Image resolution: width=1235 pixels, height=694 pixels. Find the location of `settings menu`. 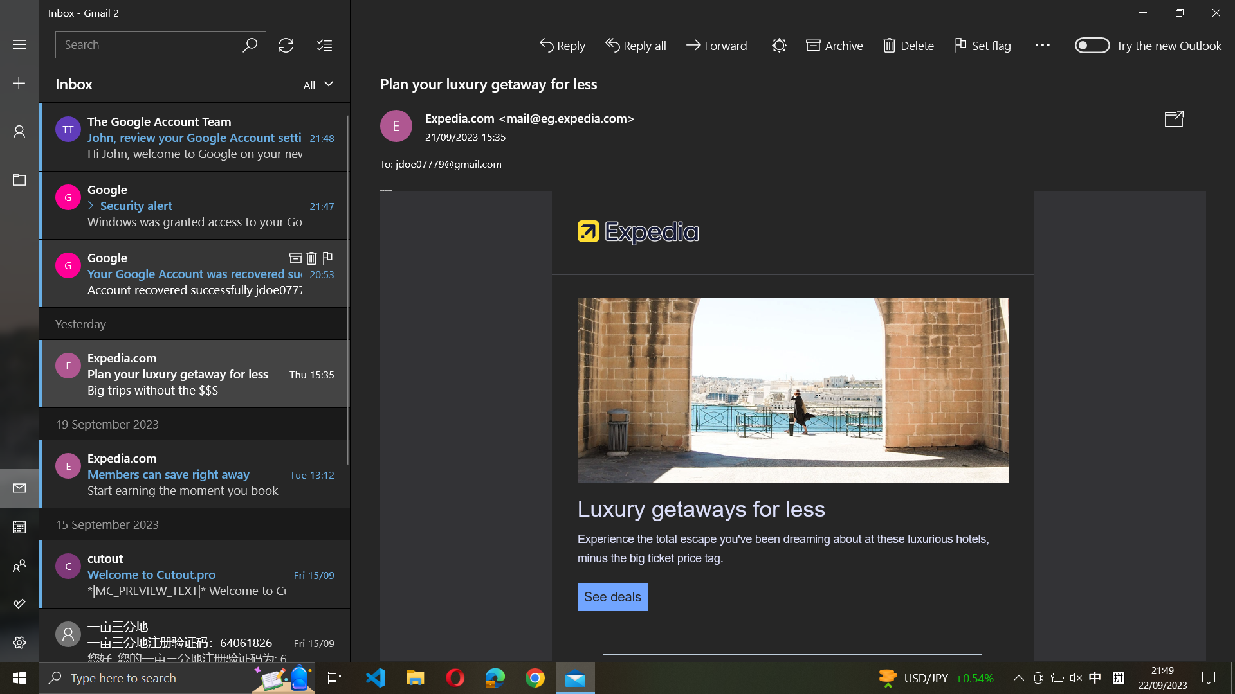

settings menu is located at coordinates (19, 644).